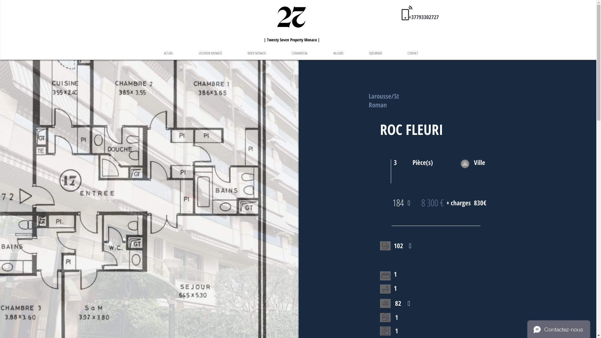 The width and height of the screenshot is (601, 338). Describe the element at coordinates (291, 39) in the screenshot. I see `'| Twenty Seven Property Monaco |'` at that location.